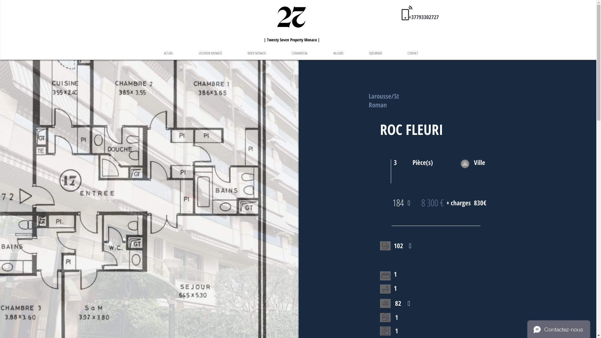 The width and height of the screenshot is (601, 338). Describe the element at coordinates (291, 39) in the screenshot. I see `'| Twenty Seven Property Monaco |'` at that location.